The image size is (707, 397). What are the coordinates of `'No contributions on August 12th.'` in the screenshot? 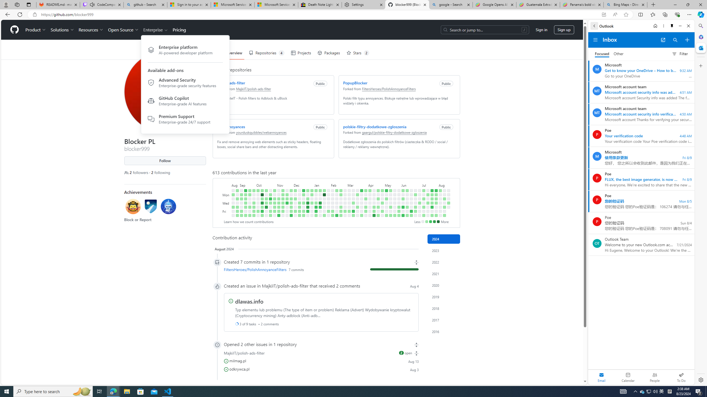 It's located at (444, 194).